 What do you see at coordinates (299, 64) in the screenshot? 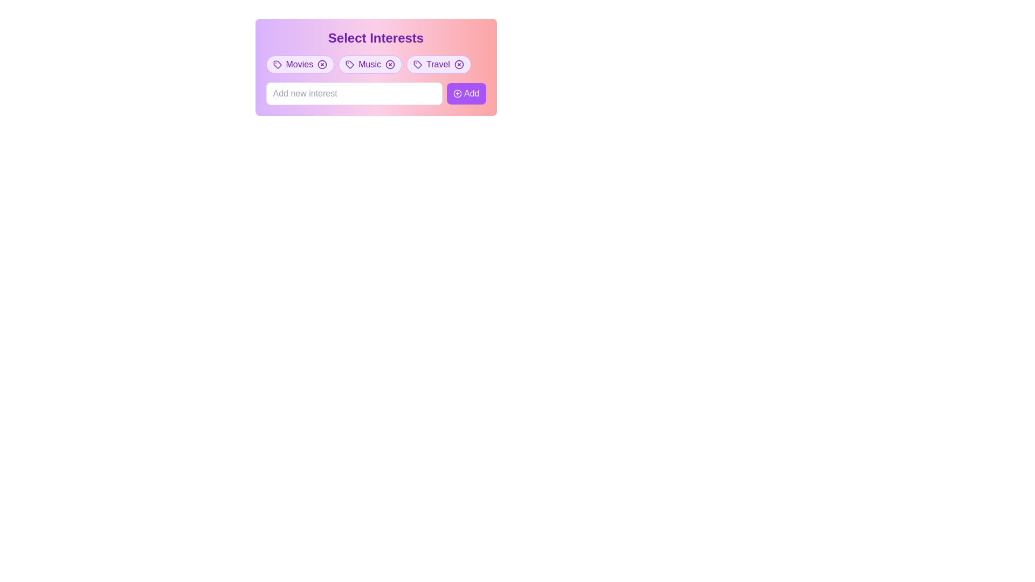
I see `the 'Movies' interest category label located in the first slot of the selectable interests row, under the 'Select Interests' heading` at bounding box center [299, 64].